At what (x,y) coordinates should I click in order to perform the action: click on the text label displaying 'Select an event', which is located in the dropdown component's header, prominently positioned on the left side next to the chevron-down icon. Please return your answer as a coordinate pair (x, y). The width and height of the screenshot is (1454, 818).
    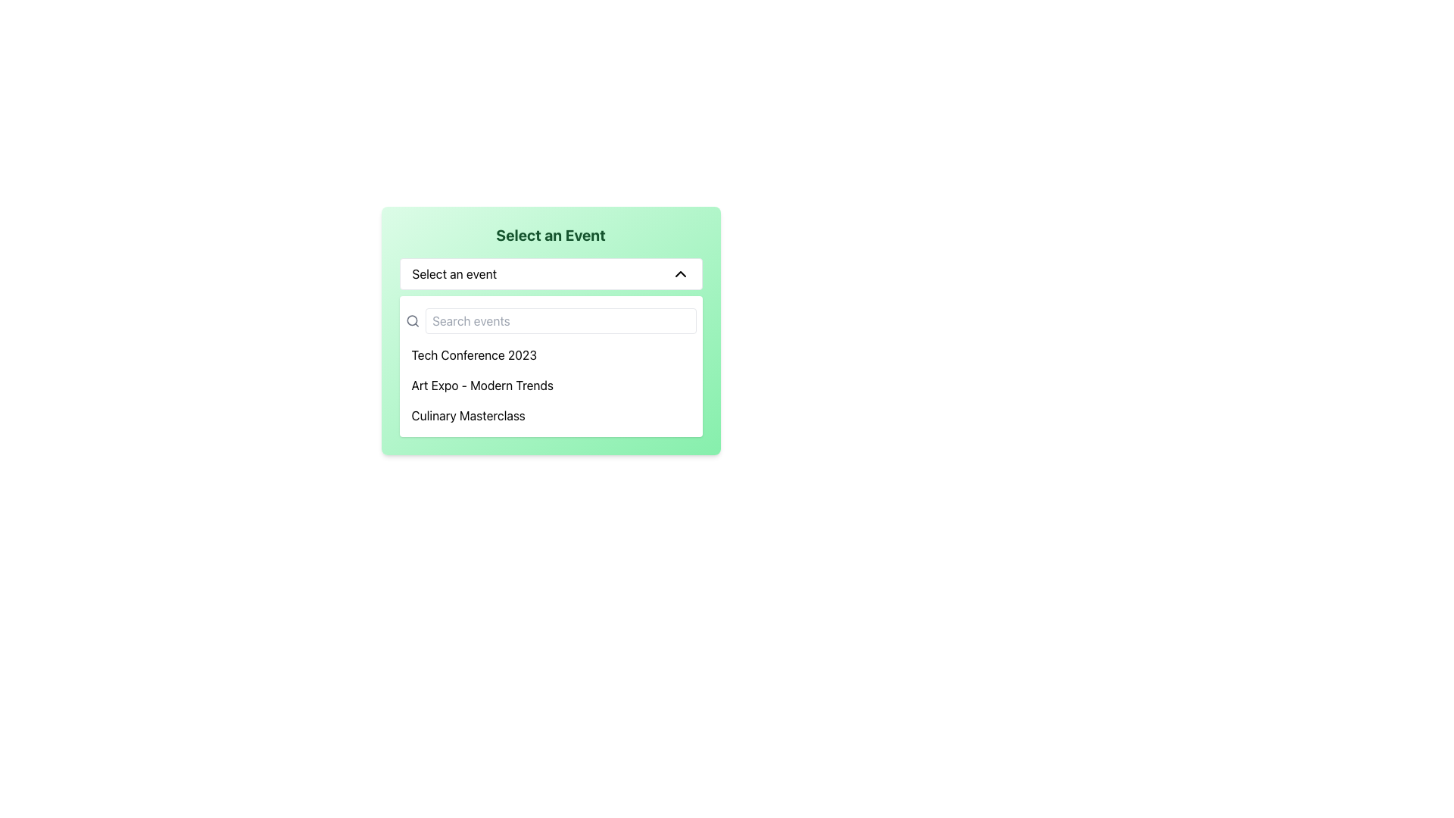
    Looking at the image, I should click on (454, 274).